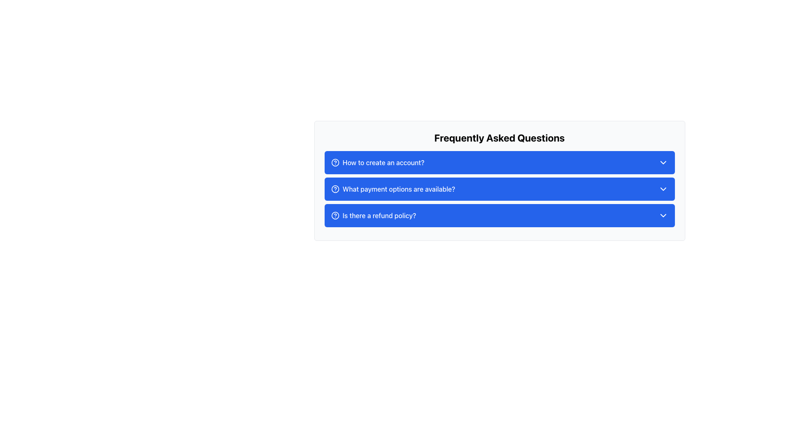 Image resolution: width=795 pixels, height=447 pixels. What do you see at coordinates (499, 163) in the screenshot?
I see `the first Expandable List Item in the FAQ section` at bounding box center [499, 163].